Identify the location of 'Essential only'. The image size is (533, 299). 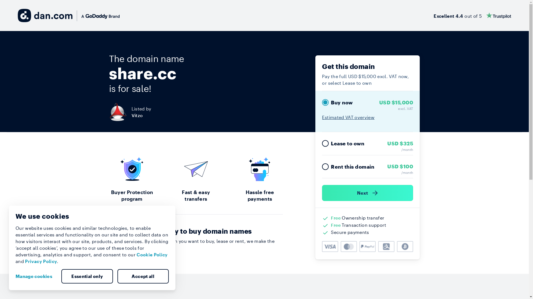
(61, 276).